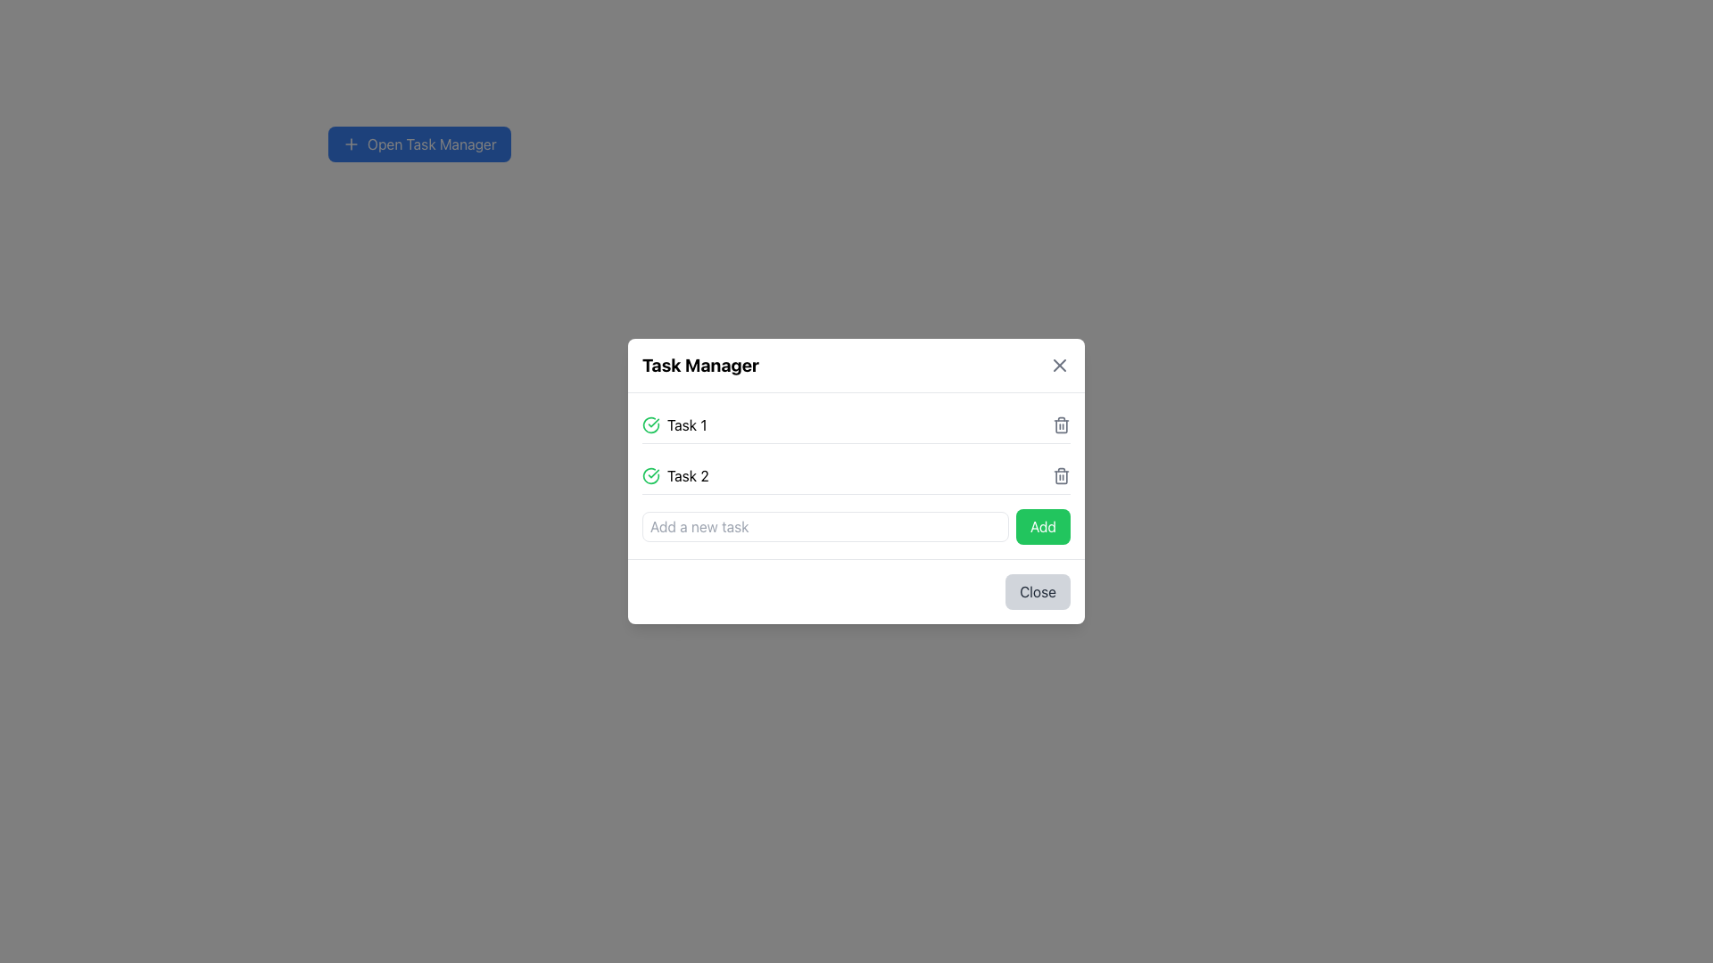  I want to click on the Text Label indicating the name of an individual task in the 'Task Manager' interface, which is located above 'Task 2' and to the right of a green check mark icon, so click(686, 425).